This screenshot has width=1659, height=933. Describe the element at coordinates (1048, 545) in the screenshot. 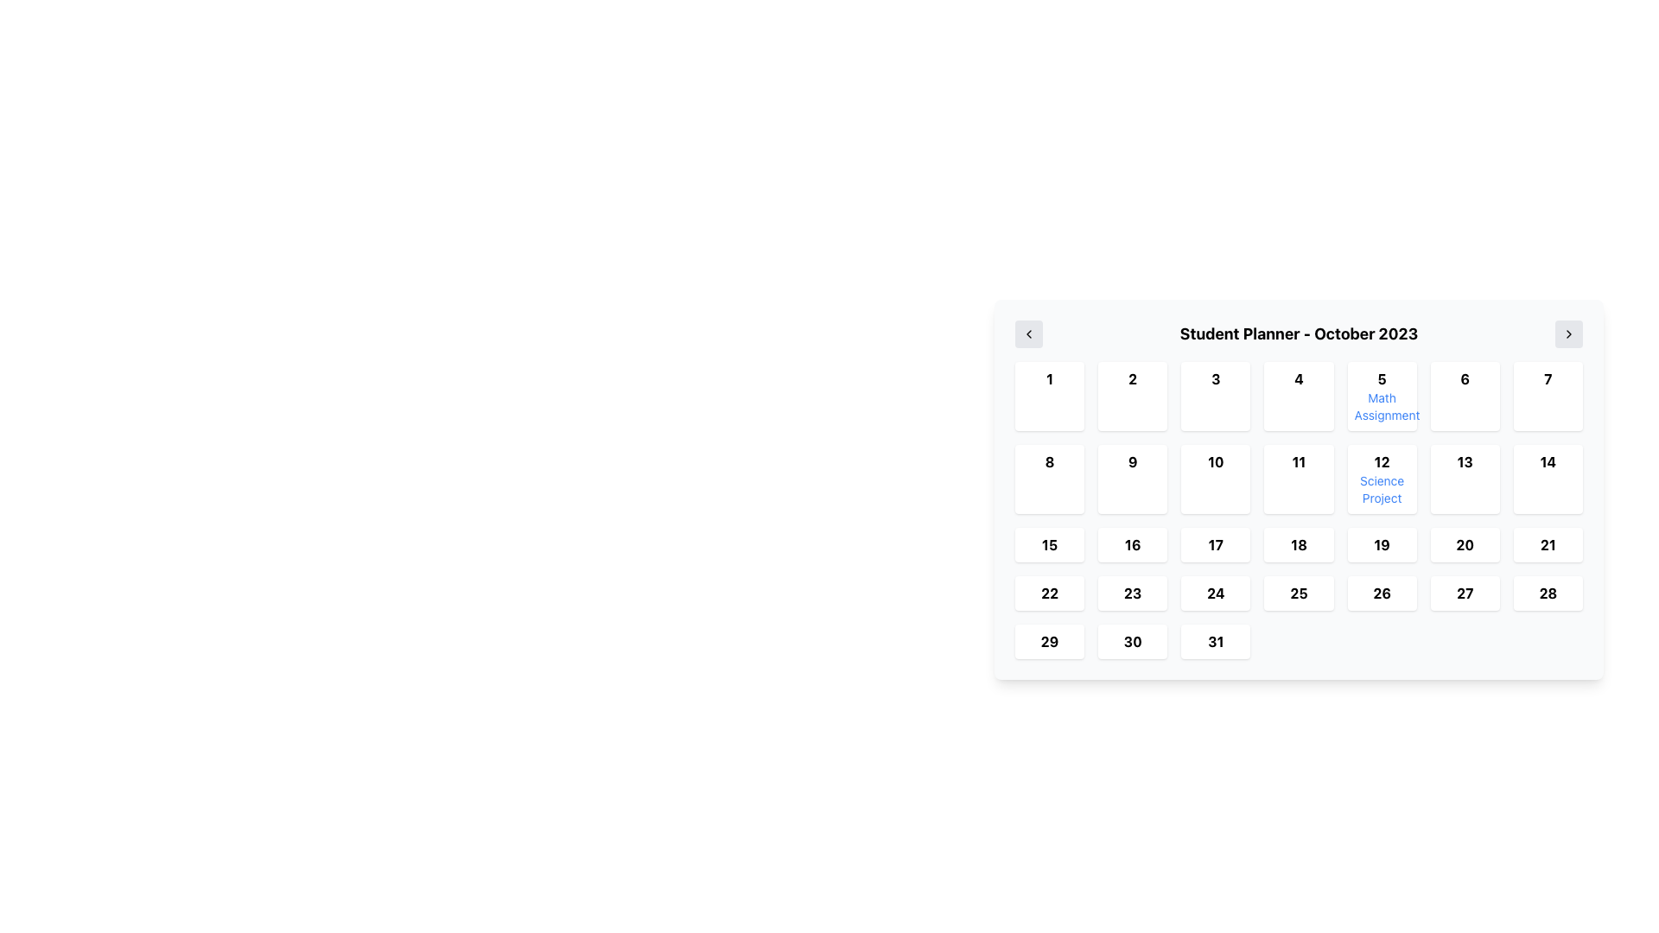

I see `the static text label representing the date '15' in the calendar's third row, first cell` at that location.